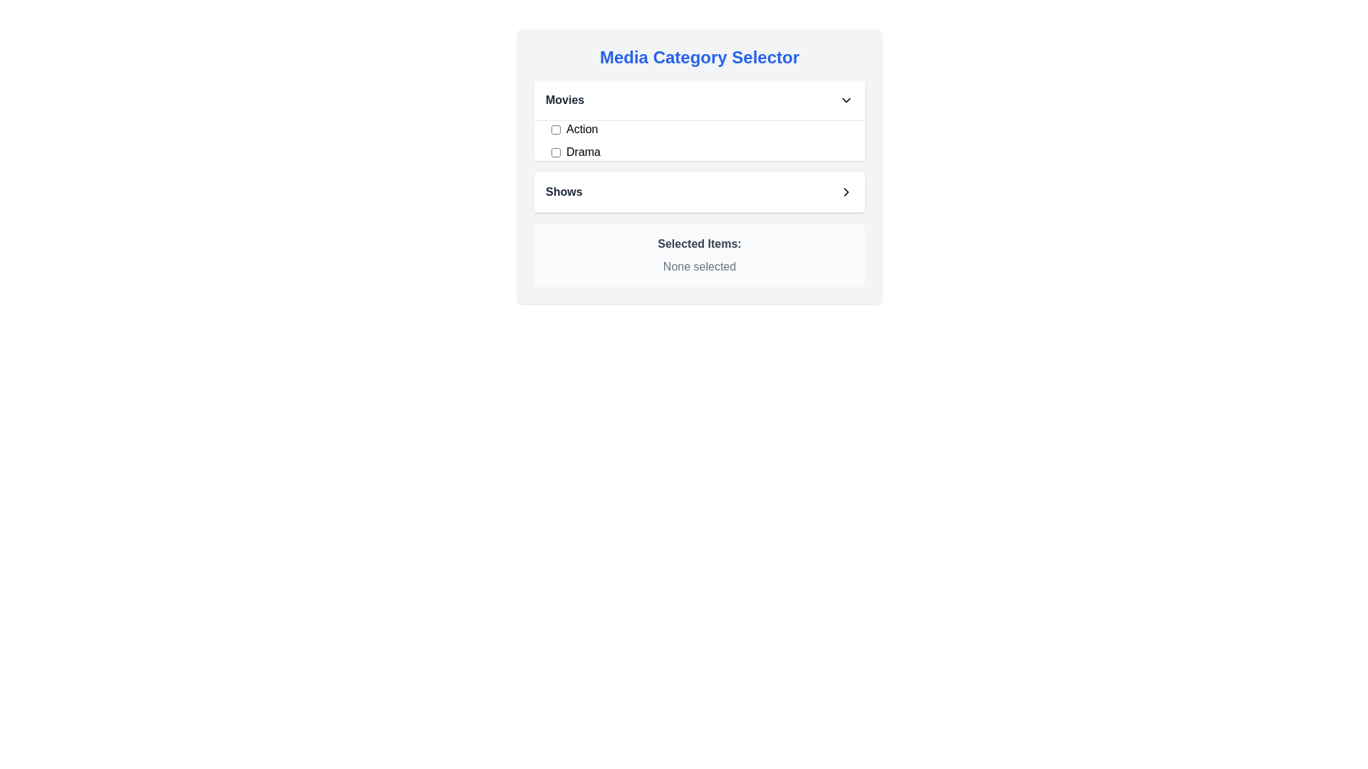  Describe the element at coordinates (555, 152) in the screenshot. I see `the checkbox labeled 'Drama' which is a small, rounded checkbox with a blue outline` at that location.